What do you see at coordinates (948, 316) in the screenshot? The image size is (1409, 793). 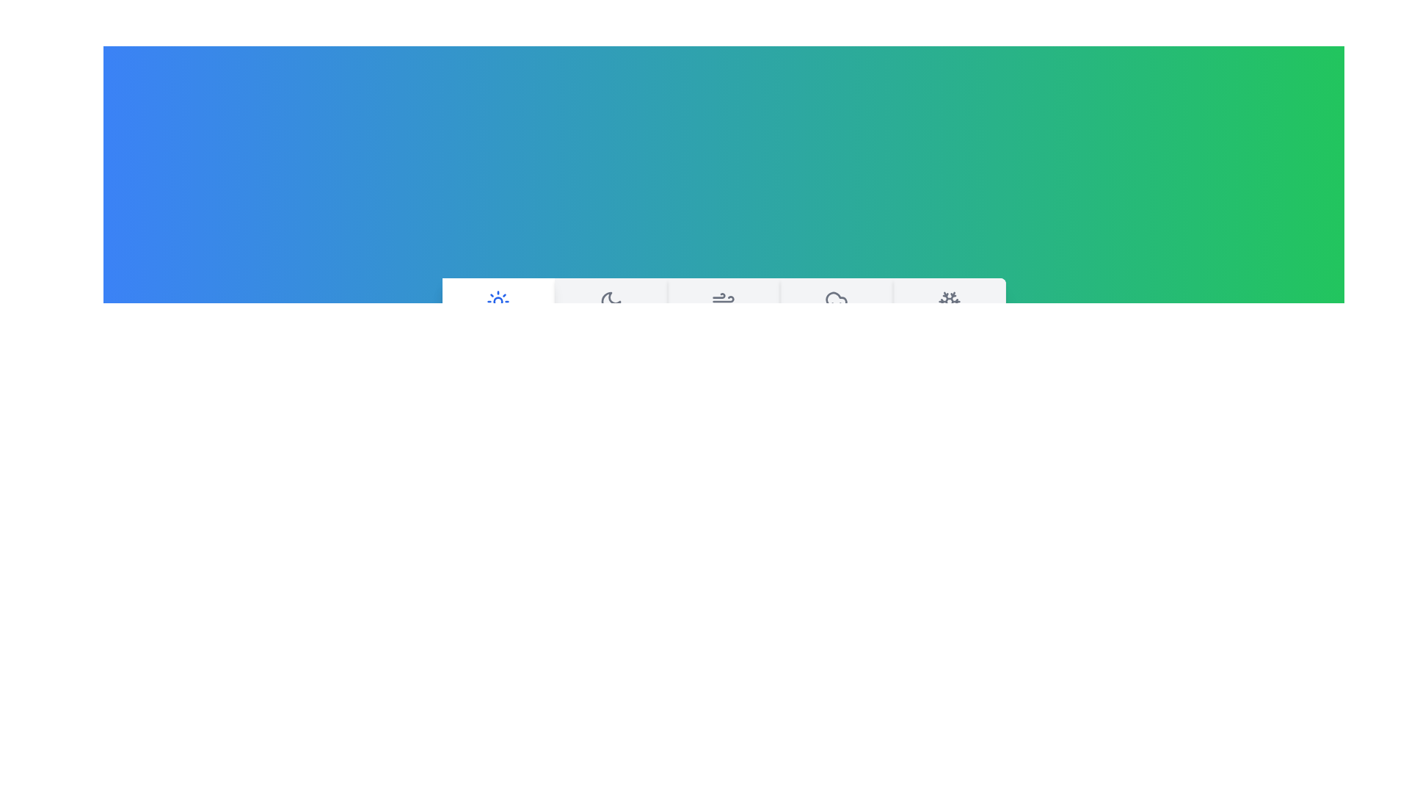 I see `the tab corresponding to Snowy and read its description` at bounding box center [948, 316].